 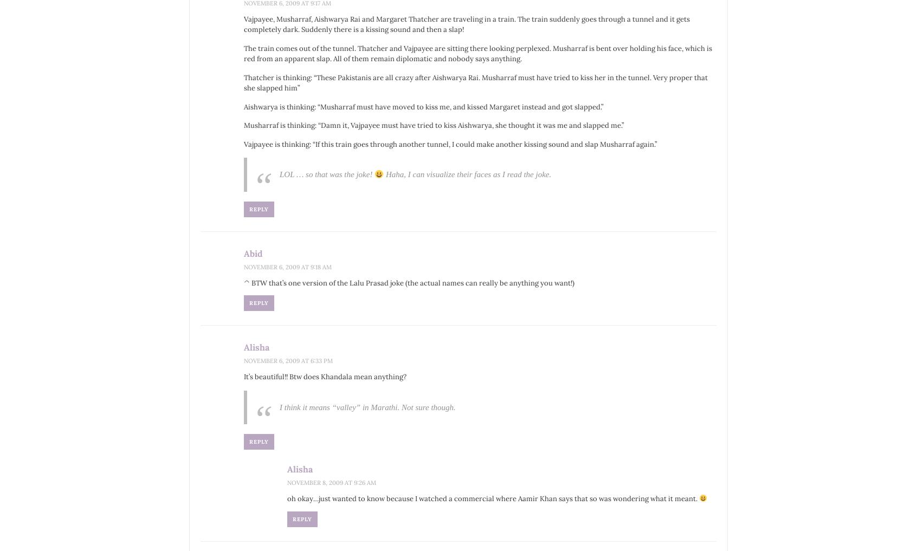 What do you see at coordinates (243, 266) in the screenshot?
I see `'November 6, 2009 at 9:18 am'` at bounding box center [243, 266].